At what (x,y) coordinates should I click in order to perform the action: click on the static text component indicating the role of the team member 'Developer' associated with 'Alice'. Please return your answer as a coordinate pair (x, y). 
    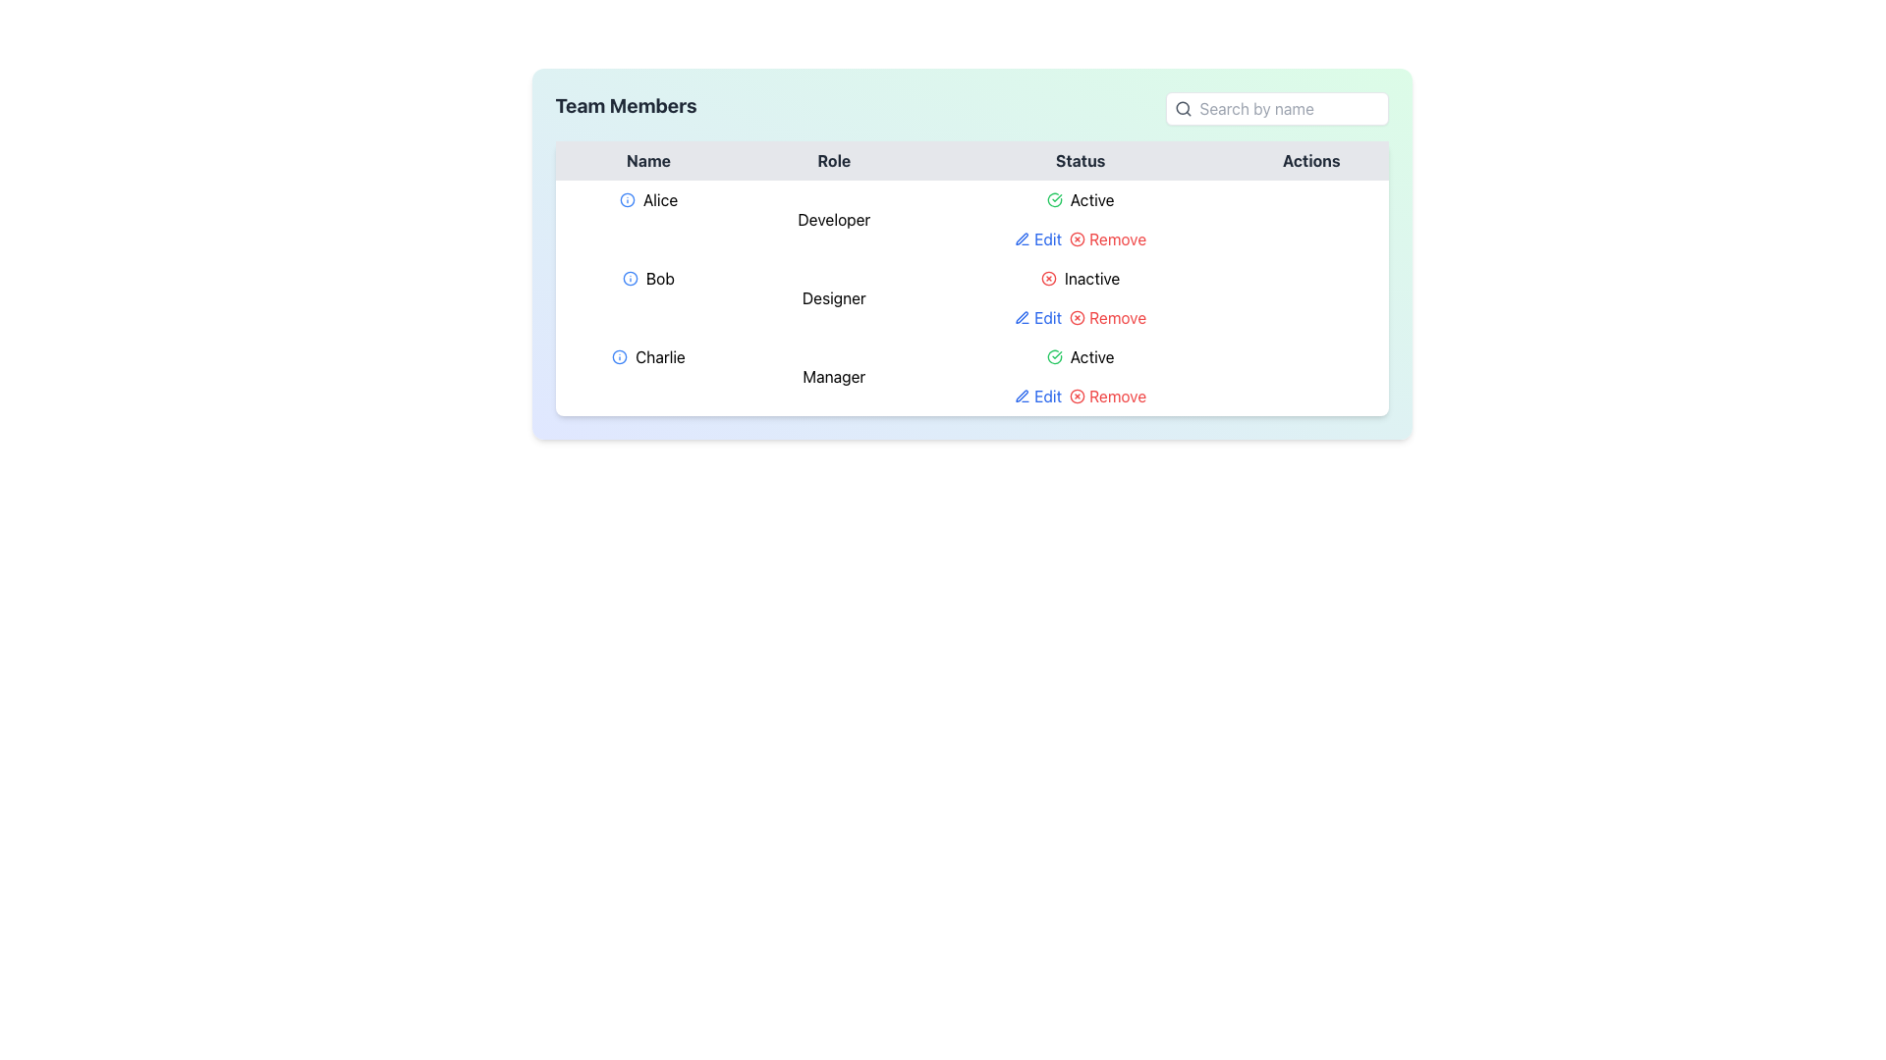
    Looking at the image, I should click on (834, 219).